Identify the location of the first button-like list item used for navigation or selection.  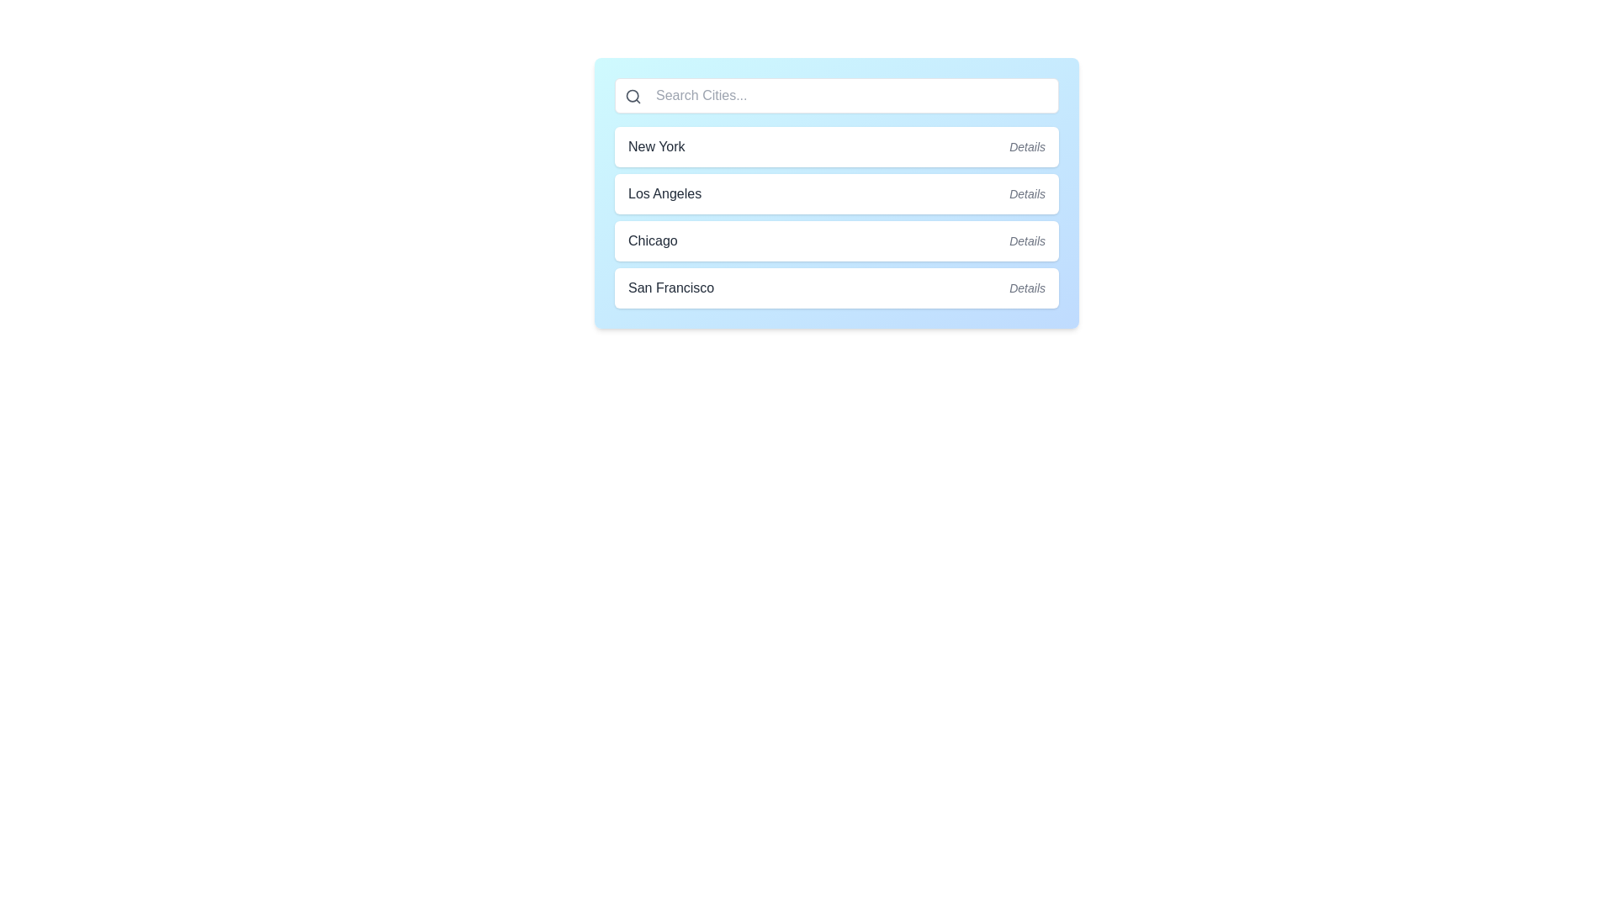
(836, 145).